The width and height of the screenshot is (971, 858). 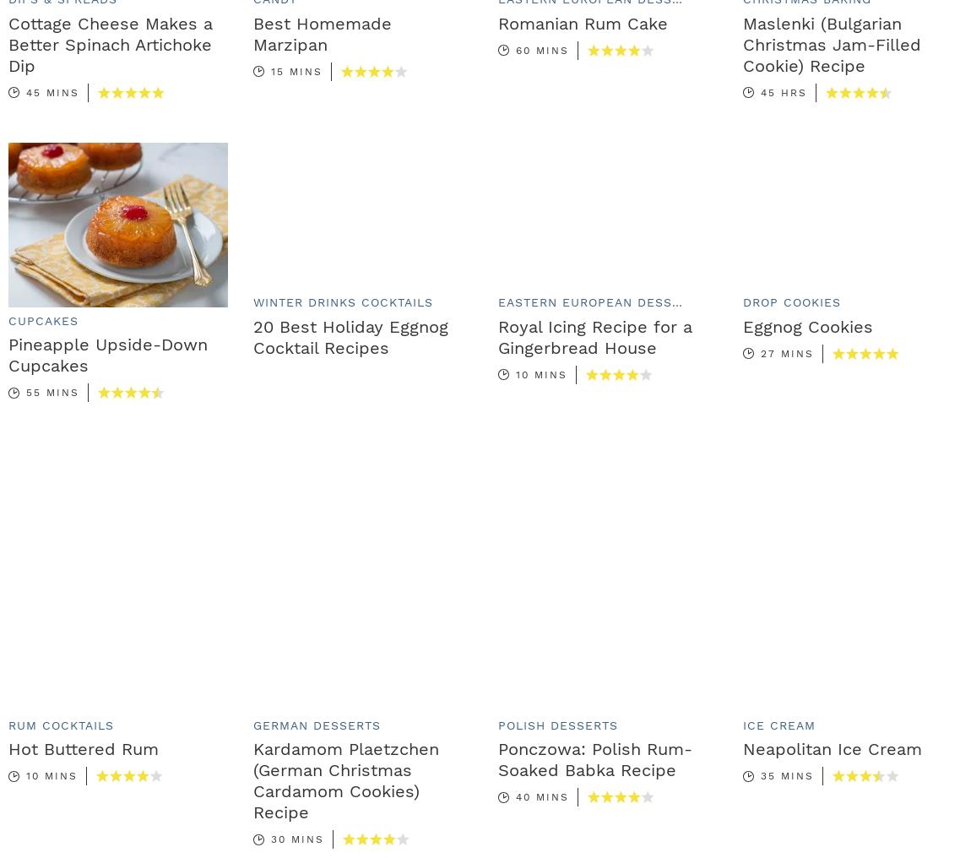 What do you see at coordinates (541, 49) in the screenshot?
I see `'60 mins'` at bounding box center [541, 49].